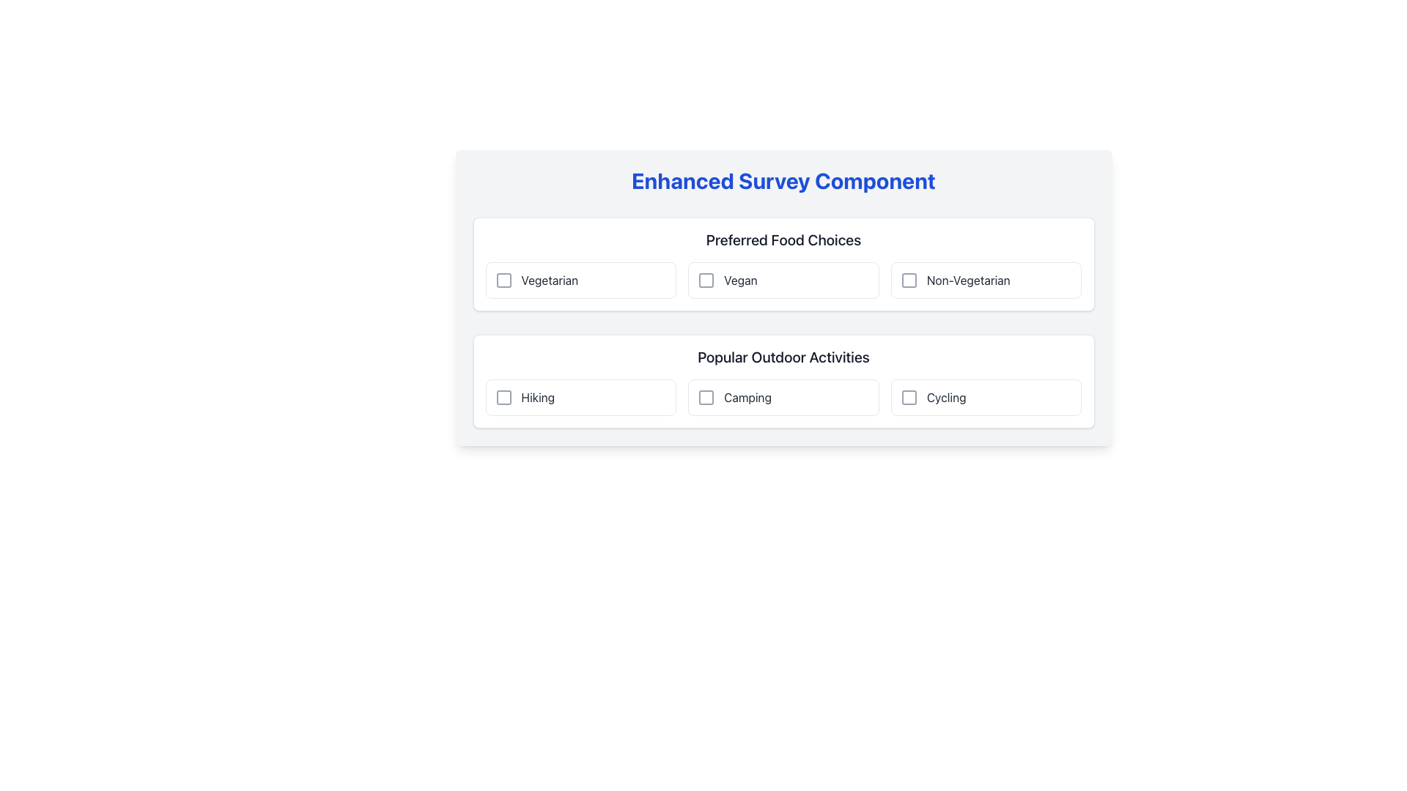 This screenshot has height=791, width=1407. What do you see at coordinates (946, 398) in the screenshot?
I see `the 'Cycling' text label in the 'Popular Outdoor Activities' section, which is positioned to the right of the checkbox and is the third option following 'Hiking' and 'Camping'` at bounding box center [946, 398].